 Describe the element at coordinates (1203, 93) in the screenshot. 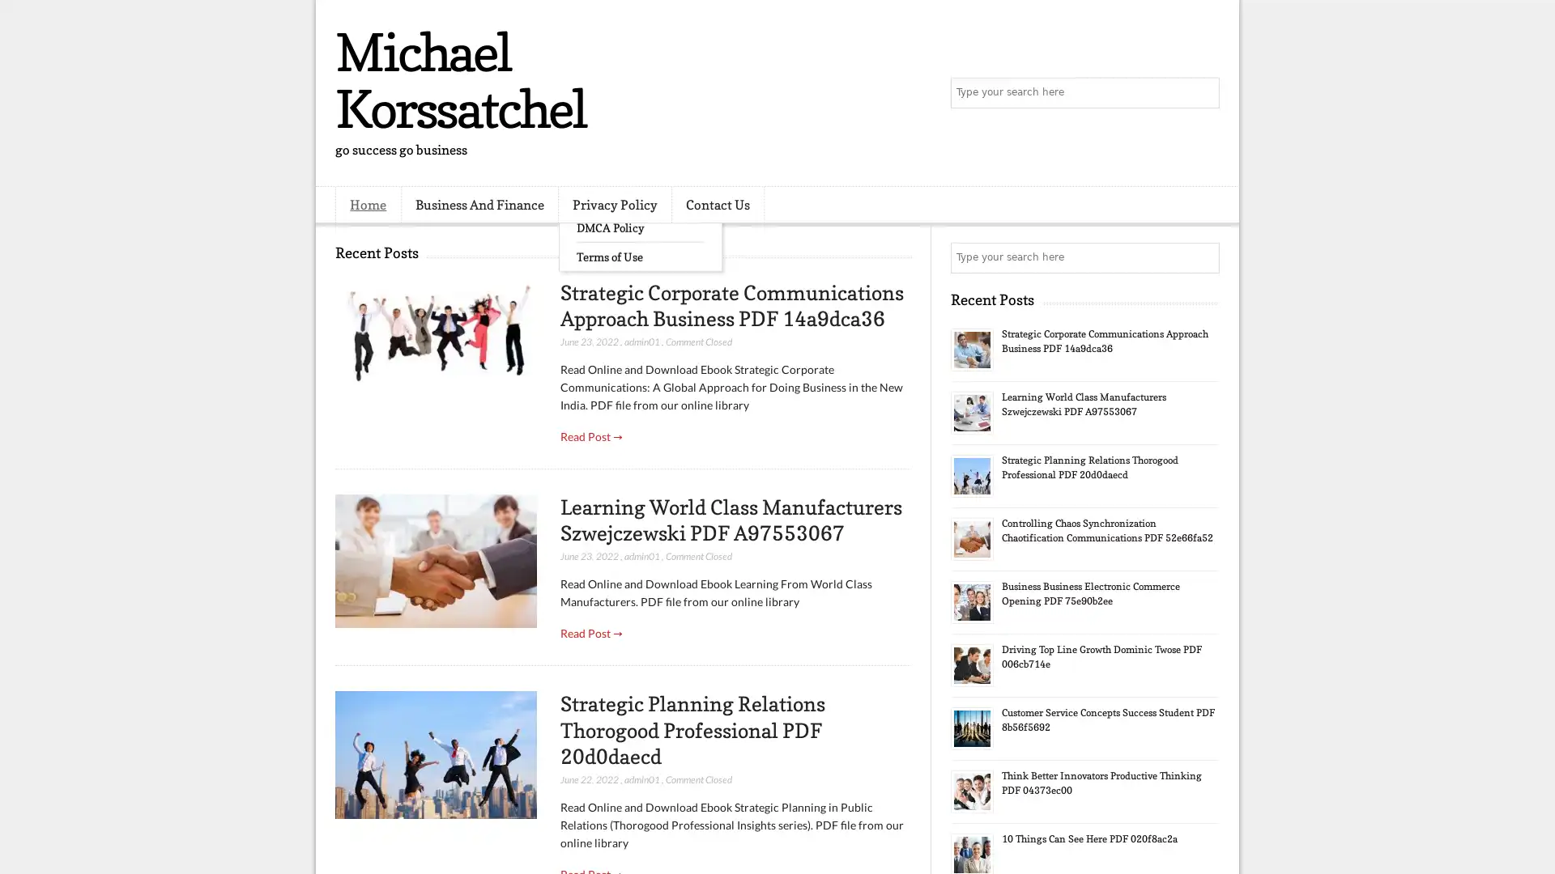

I see `Search` at that location.